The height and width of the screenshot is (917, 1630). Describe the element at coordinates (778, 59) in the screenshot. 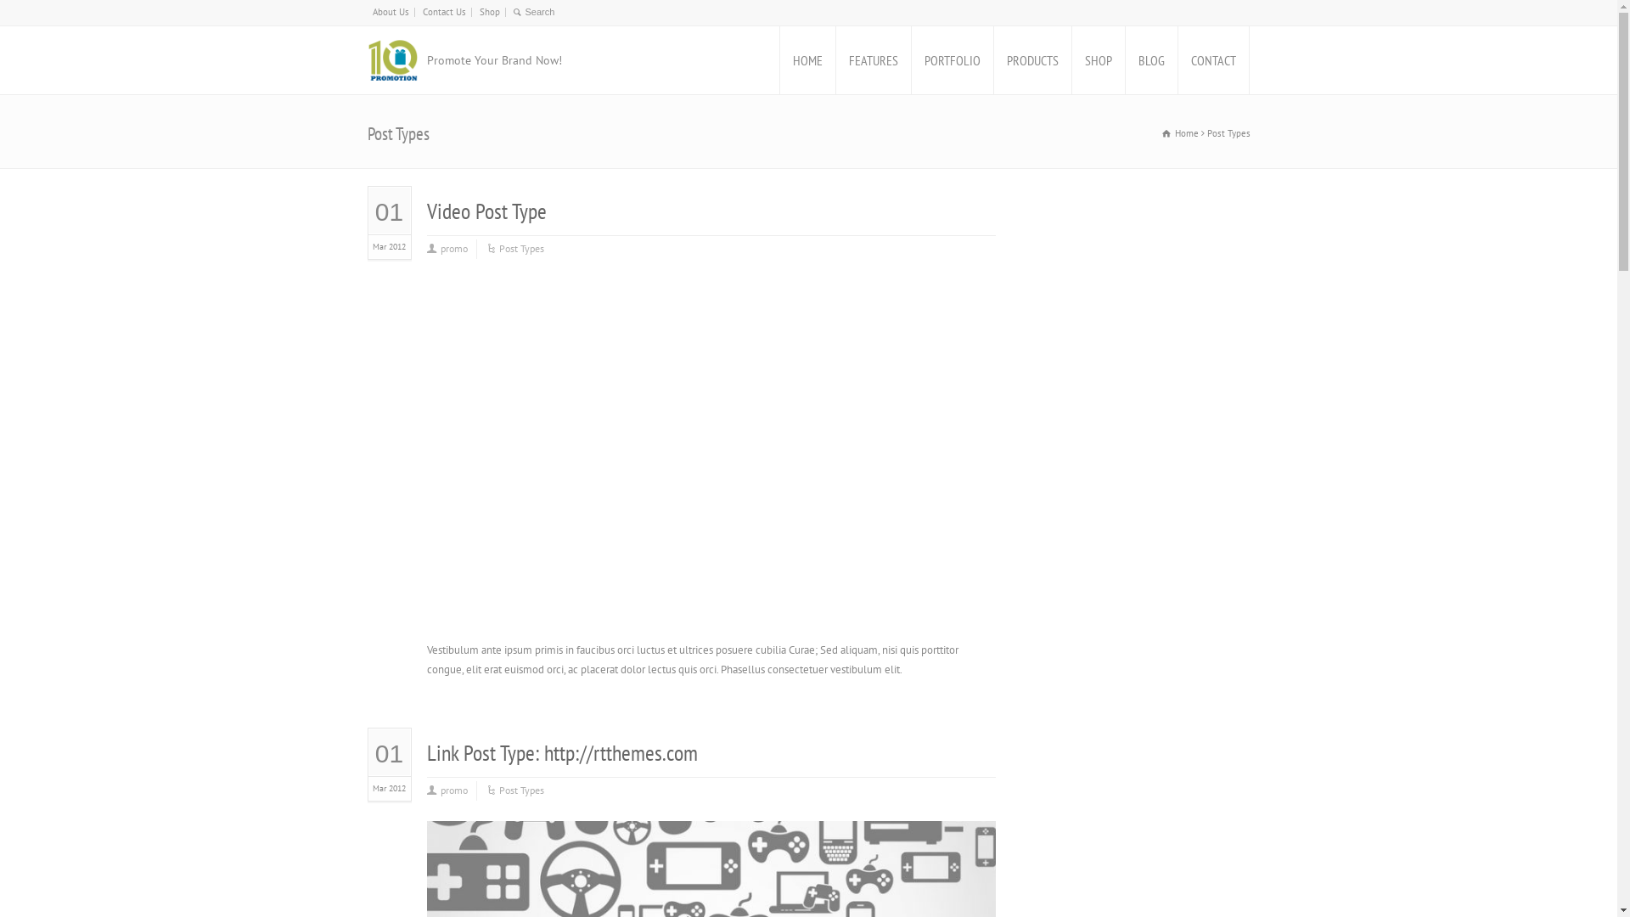

I see `'HOME'` at that location.